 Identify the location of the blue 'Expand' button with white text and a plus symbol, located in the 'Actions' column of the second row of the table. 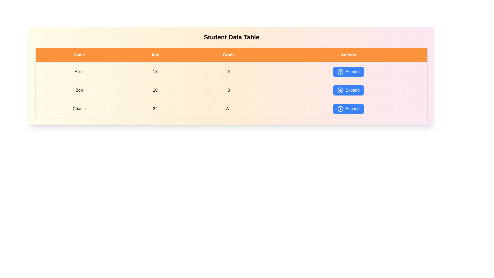
(348, 90).